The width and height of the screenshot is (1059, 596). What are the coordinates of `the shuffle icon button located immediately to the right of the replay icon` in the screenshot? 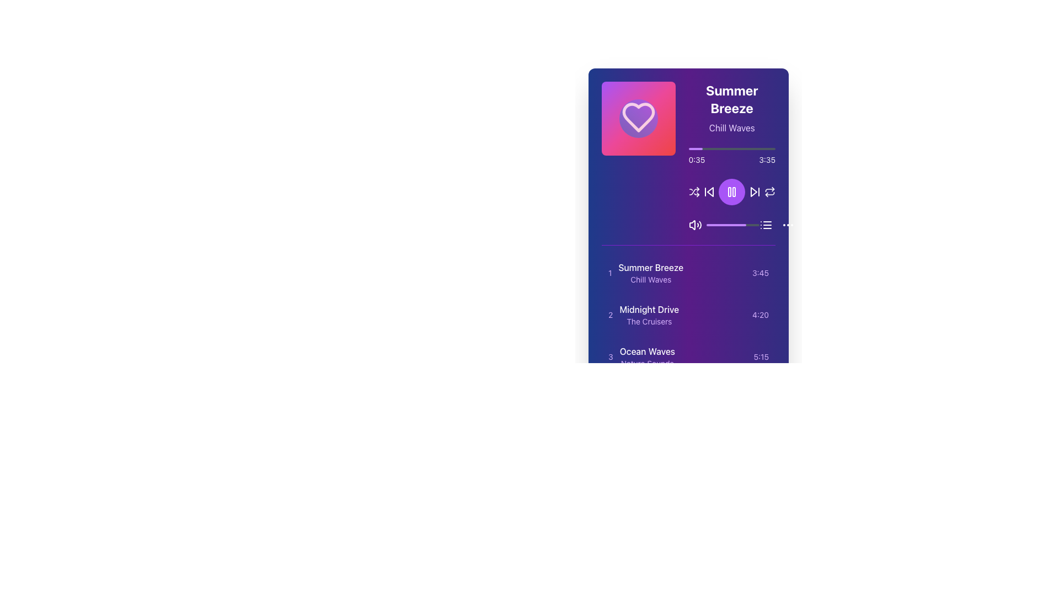 It's located at (693, 191).